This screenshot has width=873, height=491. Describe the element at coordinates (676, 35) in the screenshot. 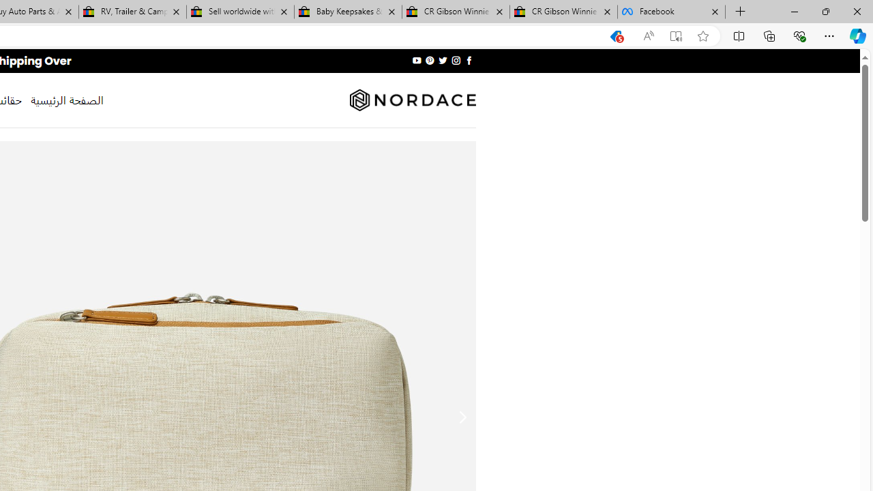

I see `'Enter Immersive Reader (F9)'` at that location.